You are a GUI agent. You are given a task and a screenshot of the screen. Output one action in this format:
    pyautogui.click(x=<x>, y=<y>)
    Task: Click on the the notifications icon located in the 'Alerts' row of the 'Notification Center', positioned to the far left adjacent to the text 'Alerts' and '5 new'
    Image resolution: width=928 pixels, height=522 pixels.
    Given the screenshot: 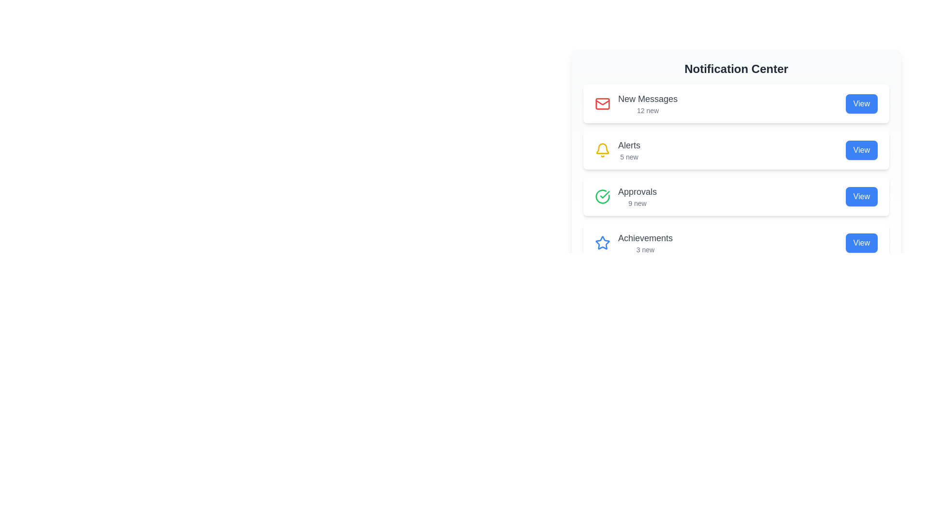 What is the action you would take?
    pyautogui.click(x=602, y=150)
    